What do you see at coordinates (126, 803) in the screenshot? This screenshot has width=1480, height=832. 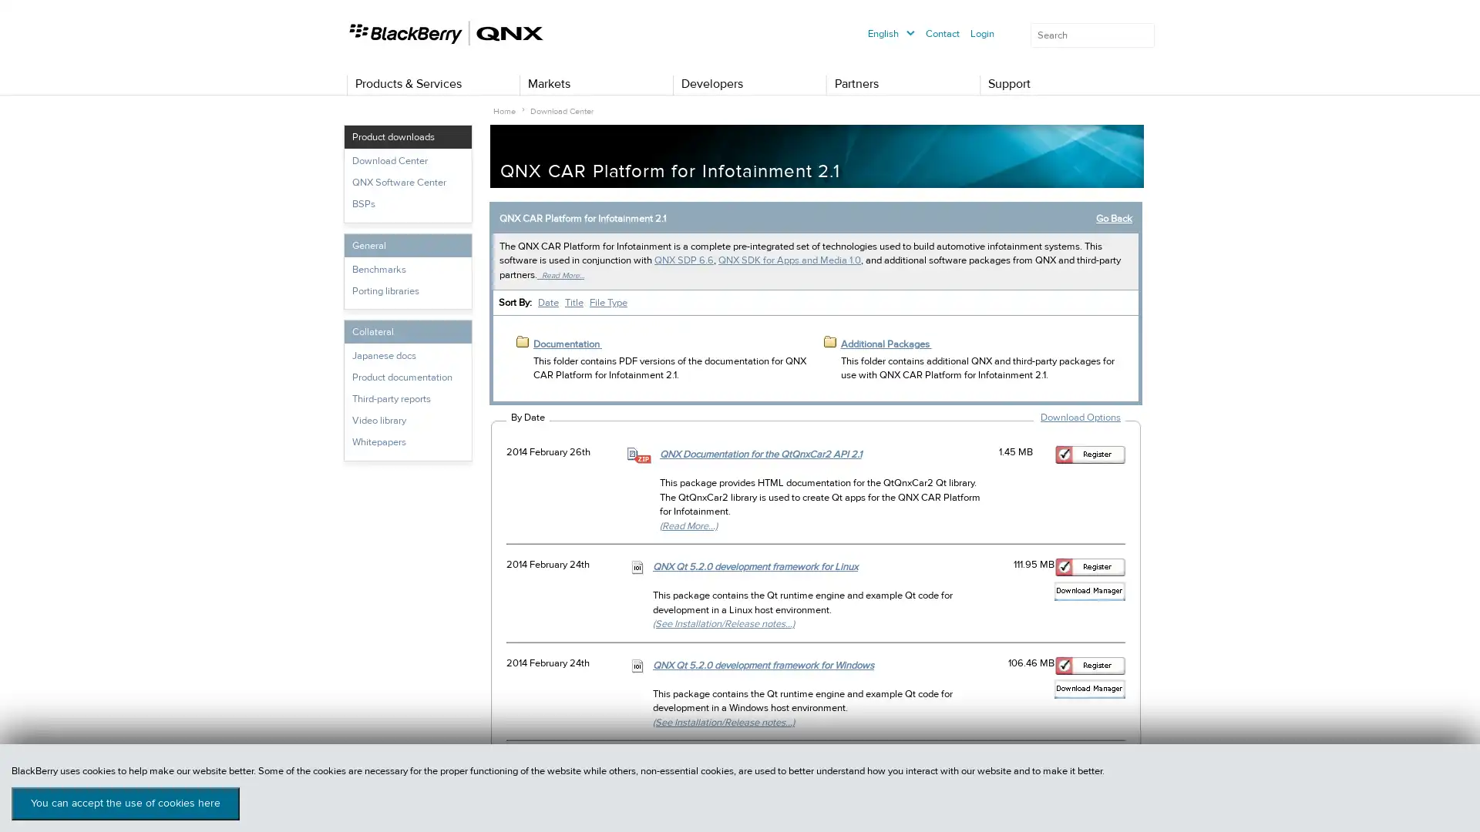 I see `You can accept the use of cookies here` at bounding box center [126, 803].